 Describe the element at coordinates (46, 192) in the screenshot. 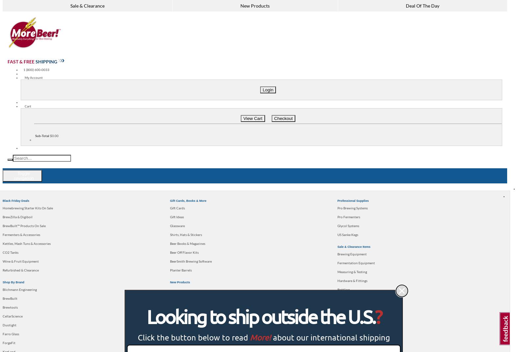

I see `'Starter Kits'` at that location.